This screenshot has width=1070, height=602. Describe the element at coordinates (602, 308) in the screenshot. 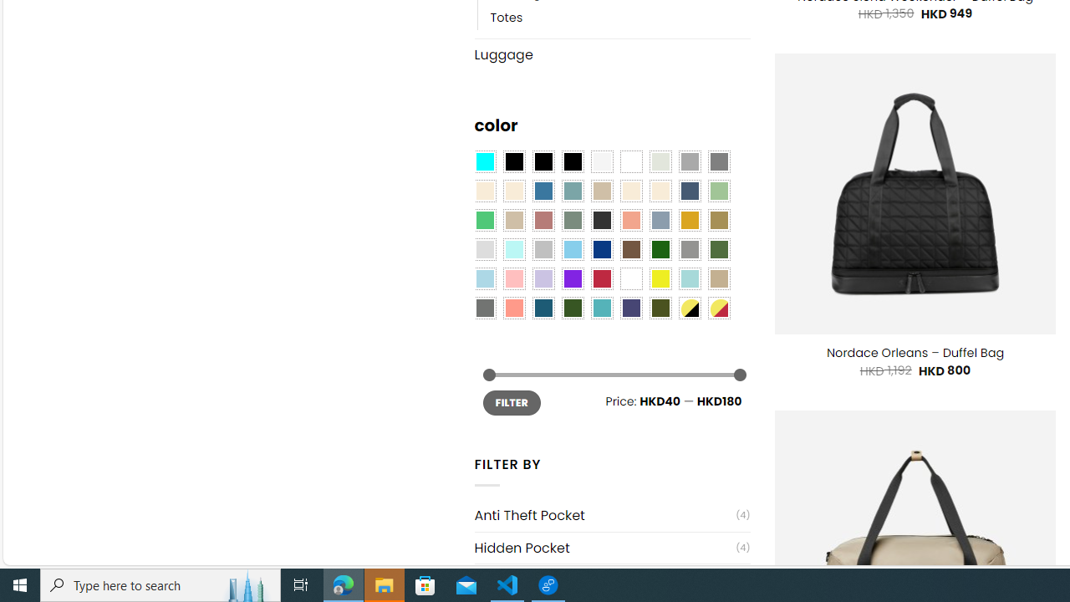

I see `'Teal'` at that location.